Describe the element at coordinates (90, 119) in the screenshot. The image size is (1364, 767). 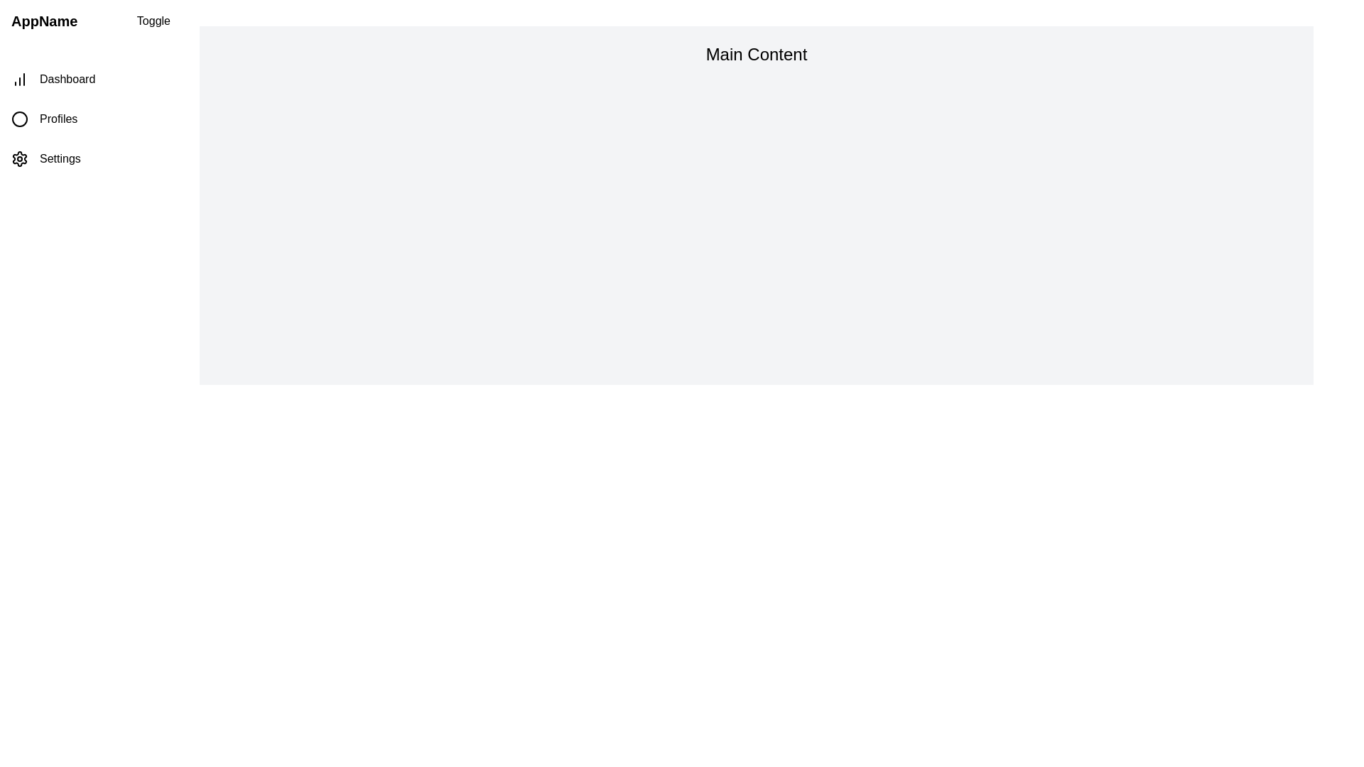
I see `the navigation item labeled Profiles` at that location.